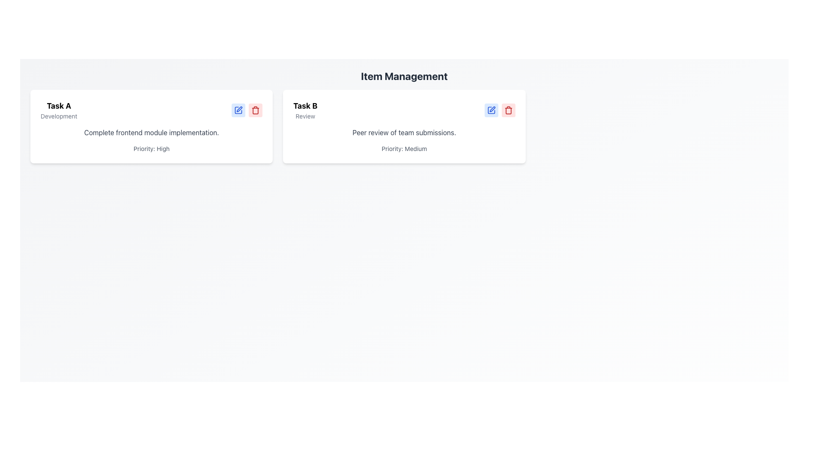 The height and width of the screenshot is (462, 822). What do you see at coordinates (305, 105) in the screenshot?
I see `the text label at the top of the card in the second column, which serves as the title for navigation or understanding` at bounding box center [305, 105].